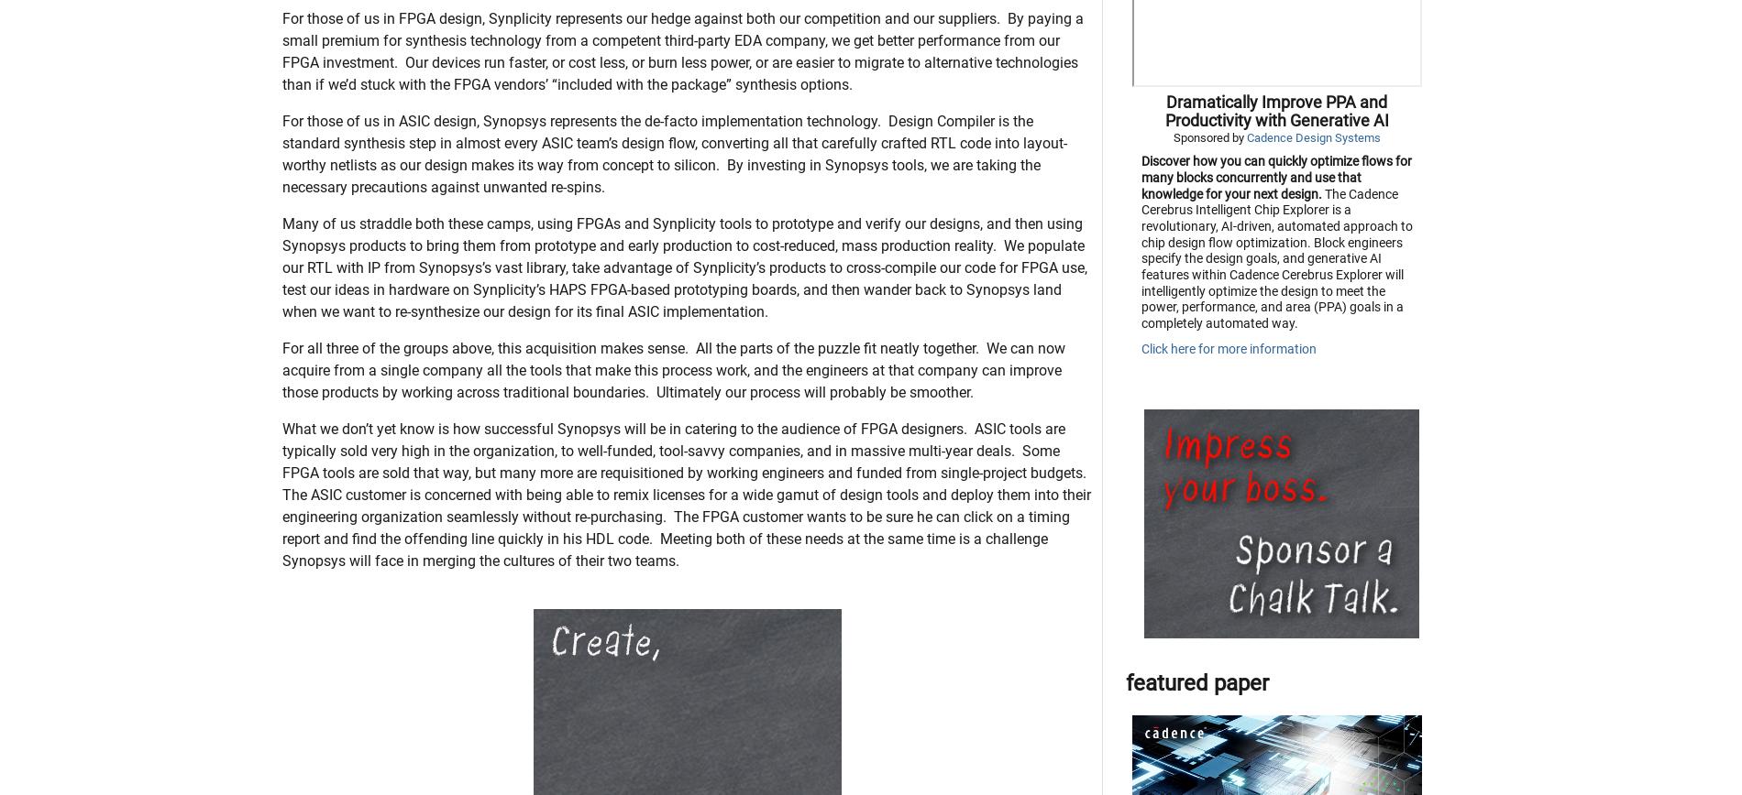  I want to click on 'What we don’t yet know is how successful Synopsys will be in catering to the audience of FPGA designers.  ASIC tools are typically sold very high in the organization, to well-funded, tool-savvy companies, and in massive multi-year deals.  Some FPGA tools are sold that way, but many more are requisitioned by working engineers and funded from single-project budgets.  The ASIC customer is concerned with being able to remix licenses for a wide gamut of design tools and deploy them into their engineering organization seamlessly without re-purchasing.  The FPGA customer wants to be sure he can click on a timing report and find the offending line quickly in his HDL code.  Meeting both of these needs at the same time is a challenge Synopsys will face in merging the cultures of their two teams.', so click(281, 585).